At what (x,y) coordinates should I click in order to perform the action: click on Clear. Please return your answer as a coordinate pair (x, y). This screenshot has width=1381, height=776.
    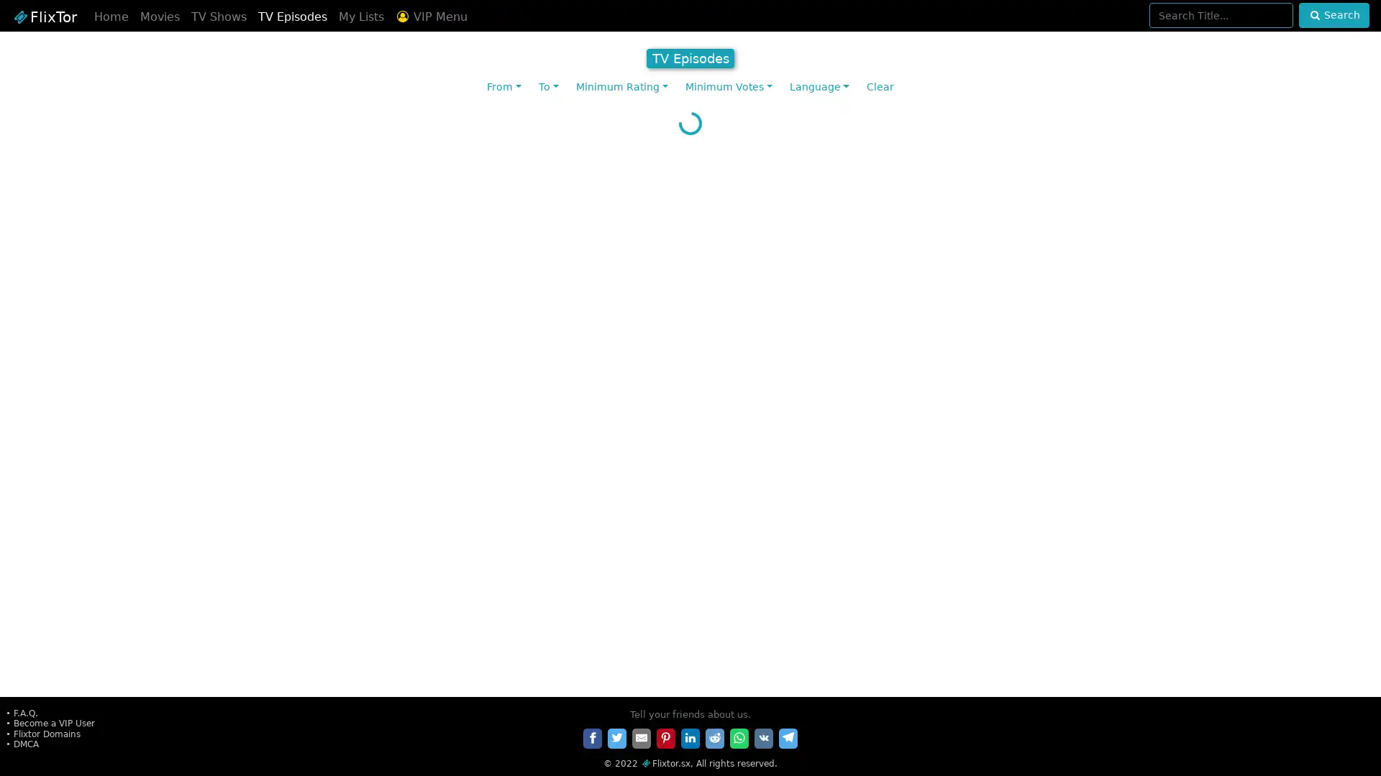
    Looking at the image, I should click on (879, 87).